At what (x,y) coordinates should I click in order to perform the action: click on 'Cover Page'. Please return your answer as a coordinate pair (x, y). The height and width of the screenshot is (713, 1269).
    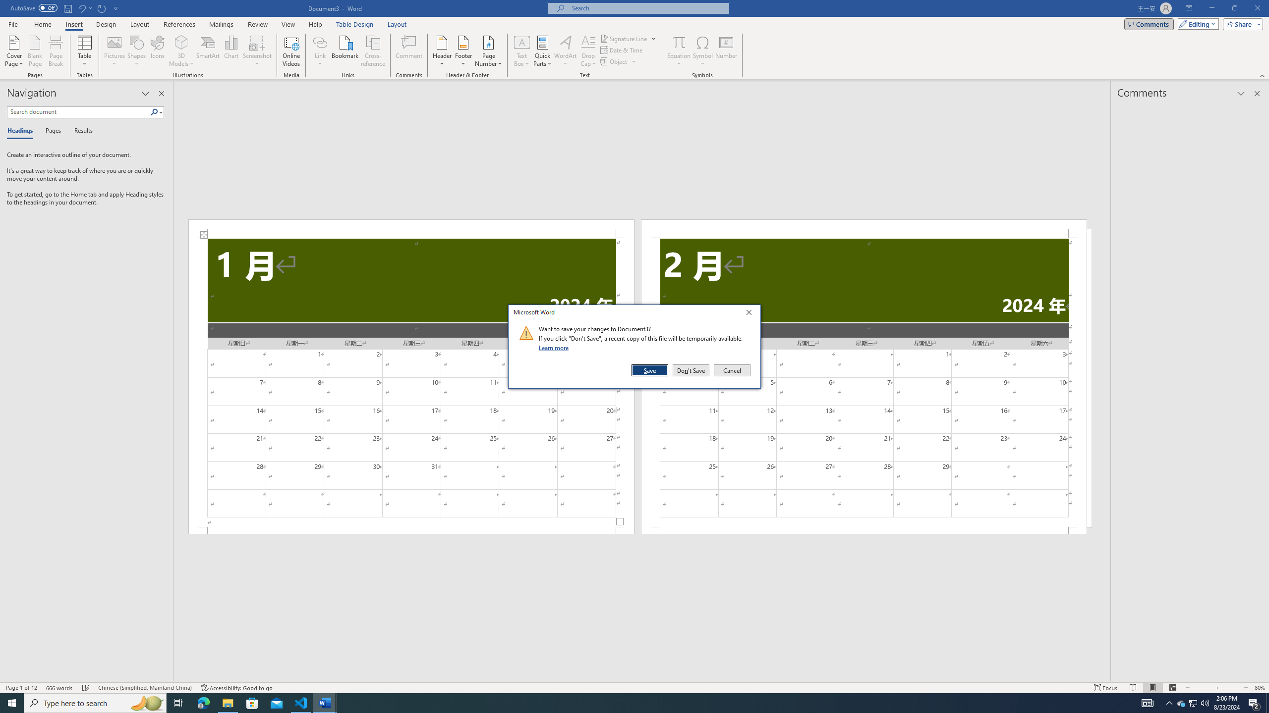
    Looking at the image, I should click on (14, 51).